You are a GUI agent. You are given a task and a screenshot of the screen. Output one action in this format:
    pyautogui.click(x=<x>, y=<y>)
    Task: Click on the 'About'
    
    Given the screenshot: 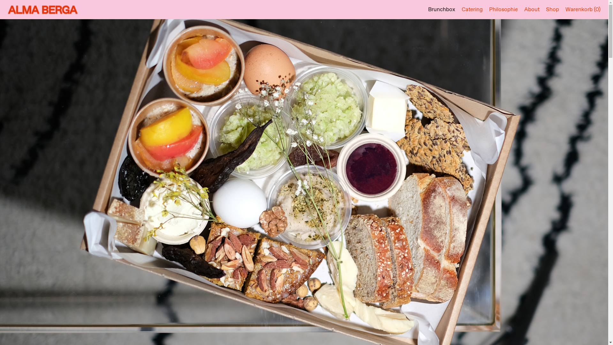 What is the action you would take?
    pyautogui.click(x=524, y=10)
    